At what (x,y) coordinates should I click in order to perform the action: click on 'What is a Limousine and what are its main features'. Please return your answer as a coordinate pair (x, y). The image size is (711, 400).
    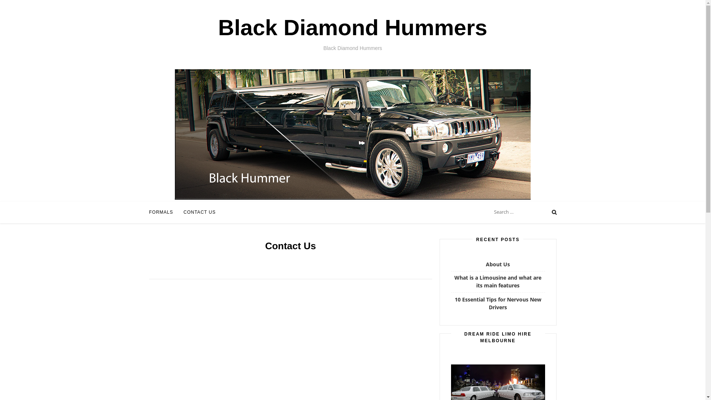
    Looking at the image, I should click on (498, 281).